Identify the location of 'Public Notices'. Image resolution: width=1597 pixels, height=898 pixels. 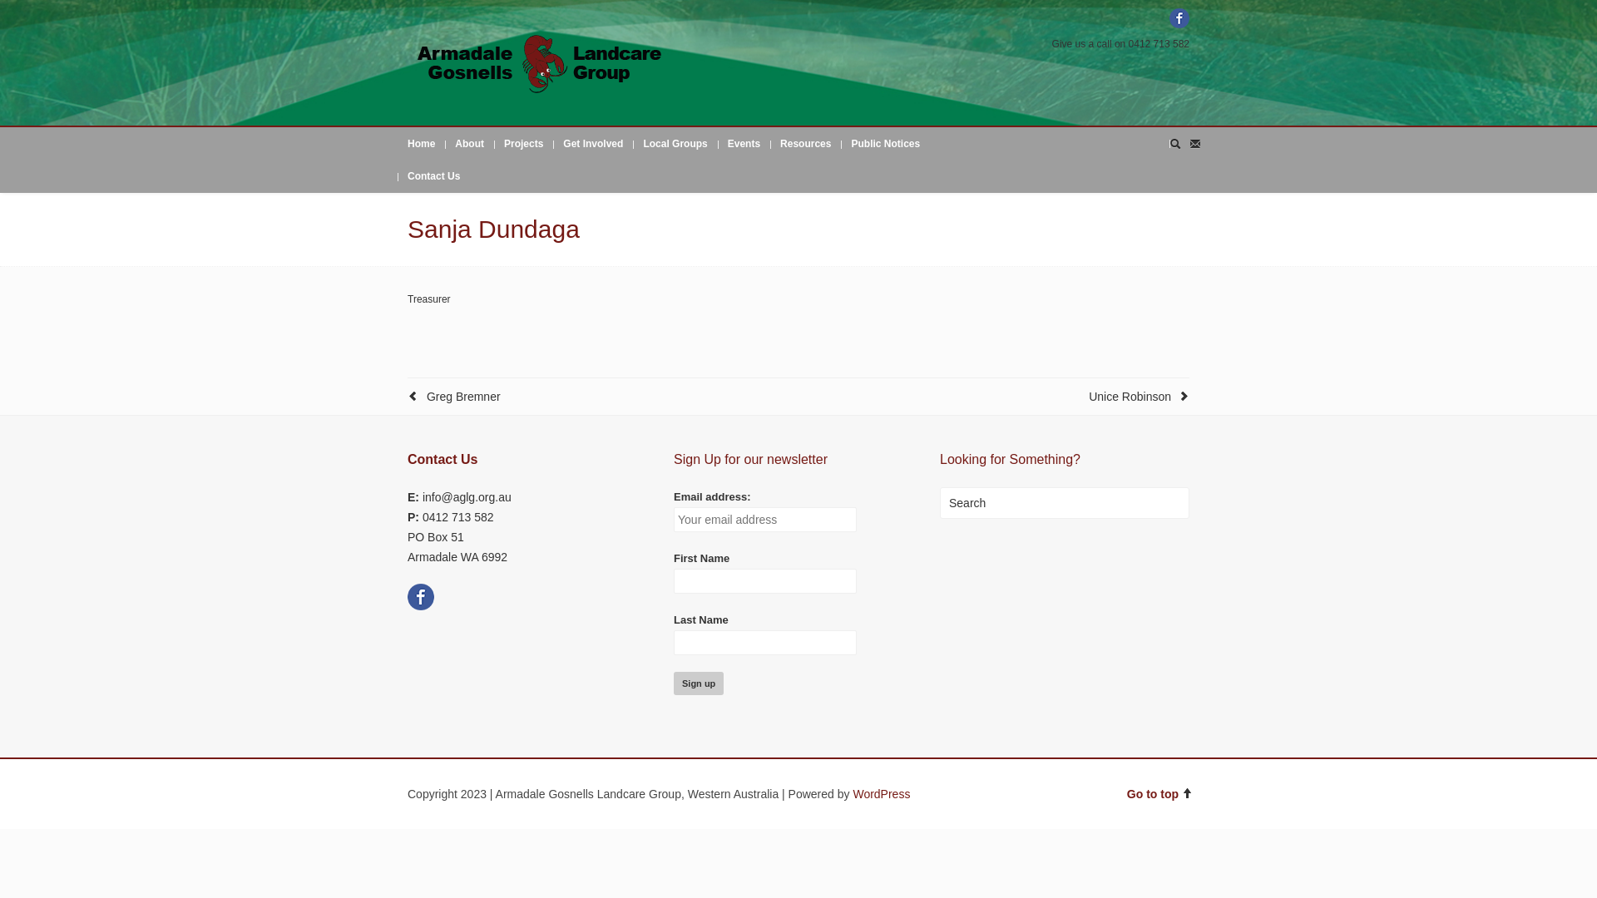
(884, 143).